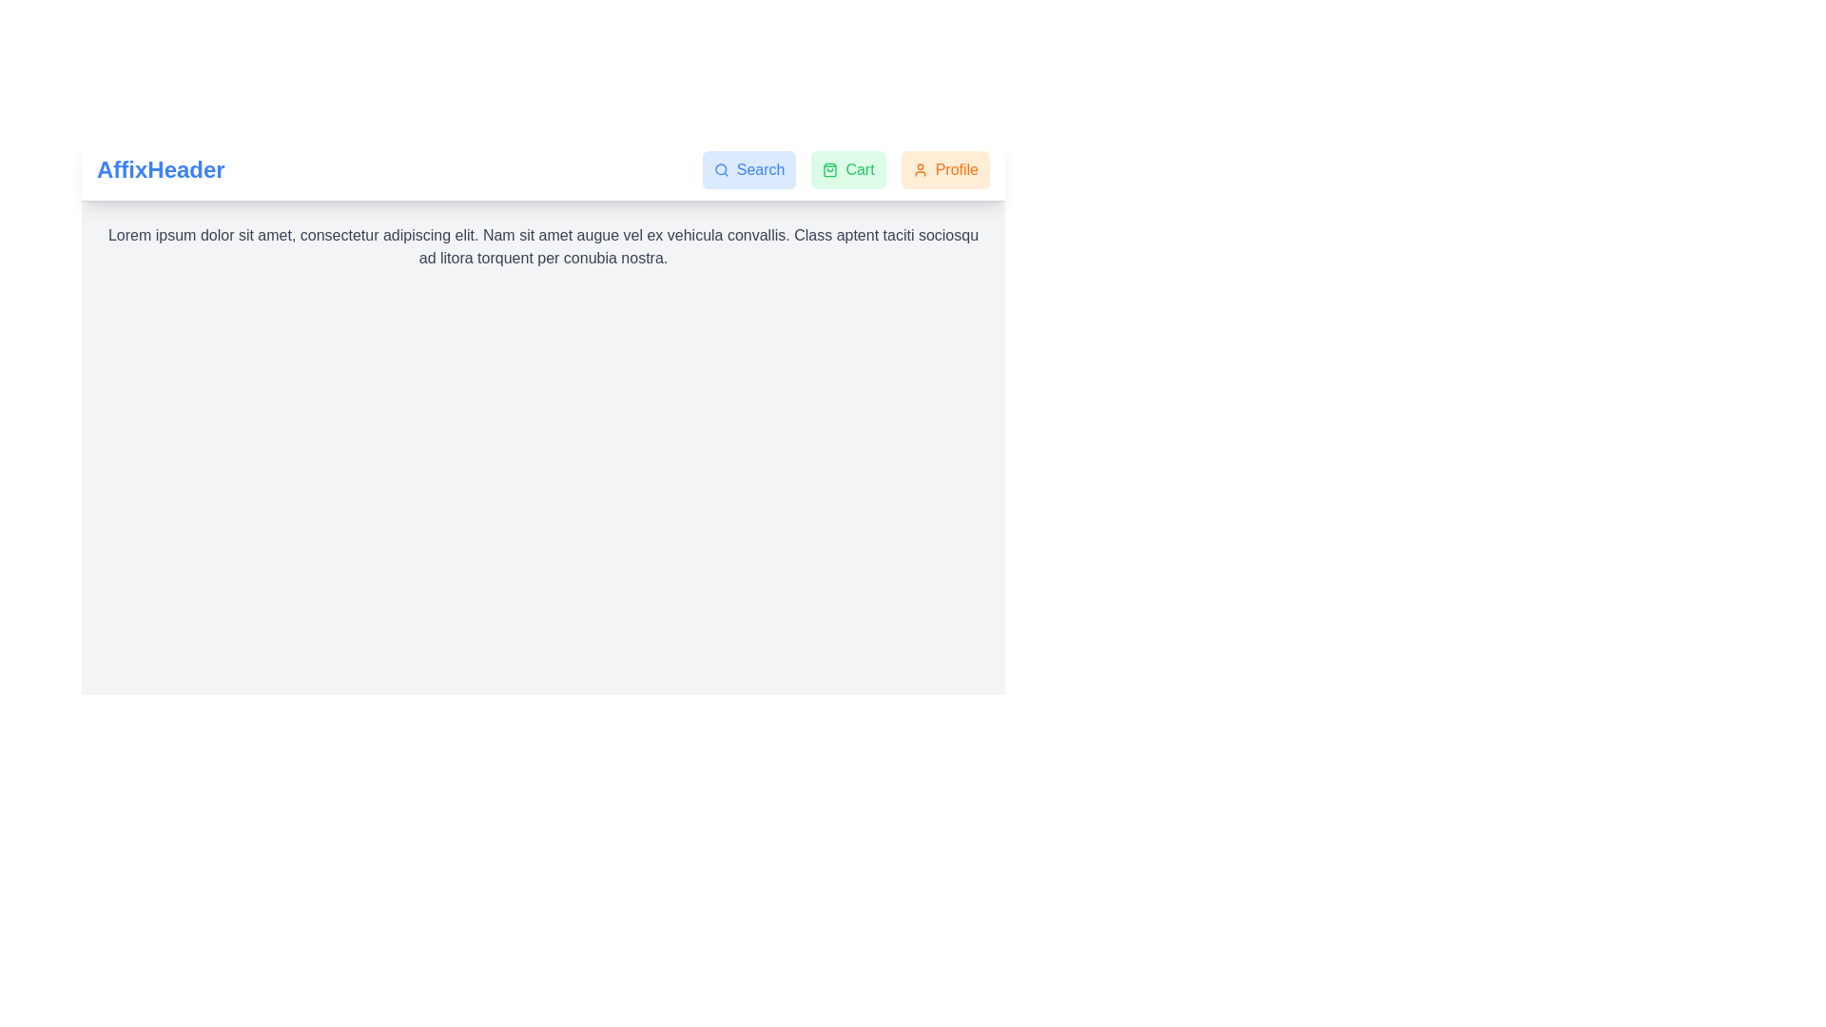 This screenshot has height=1027, width=1826. I want to click on the 'Search' button, which is represented by an icon on the leftmost part of the blue button labeled 'Search' in the top navigation bar, so click(720, 168).